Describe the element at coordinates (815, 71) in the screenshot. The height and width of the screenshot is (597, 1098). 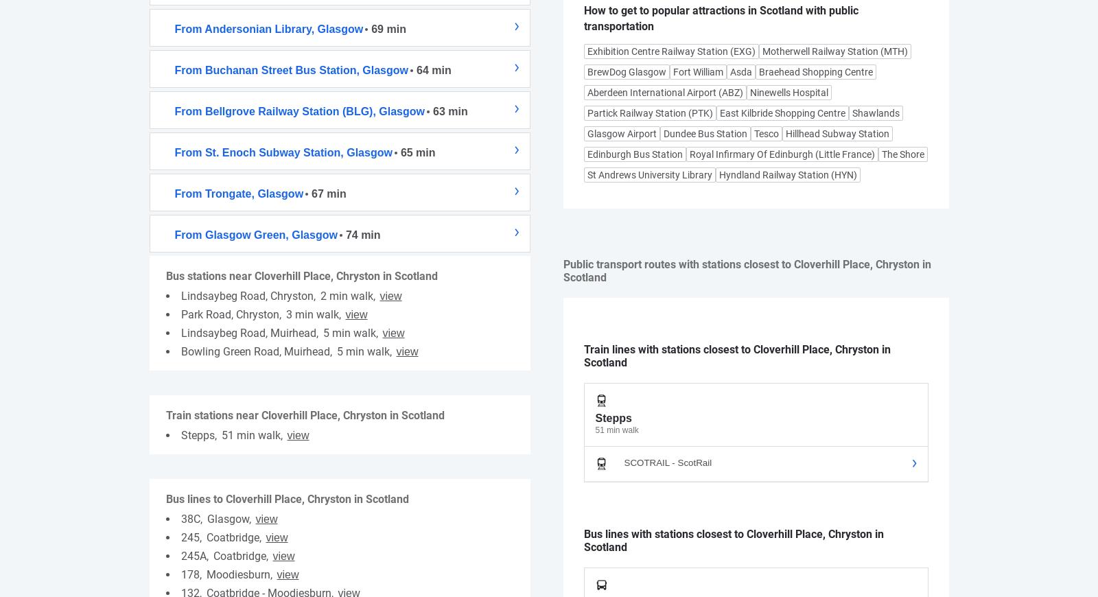
I see `'Braehead Shopping Centre'` at that location.